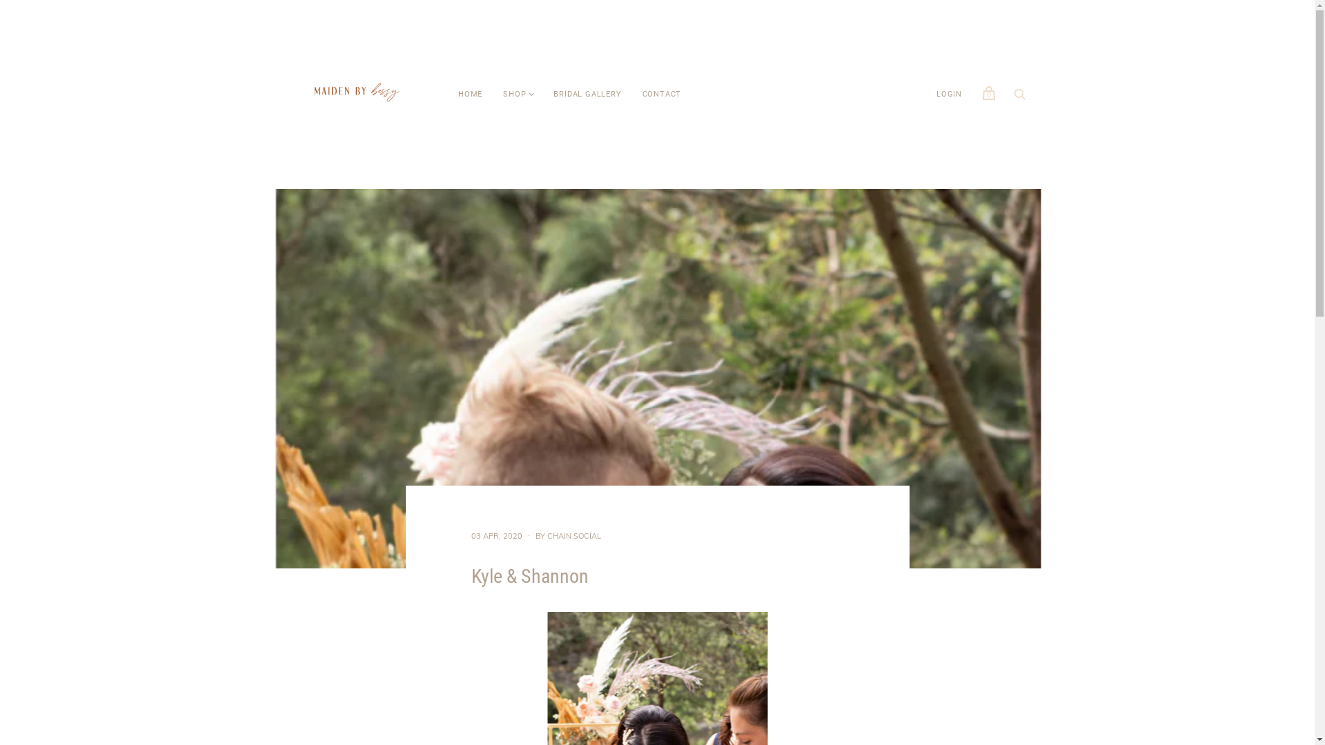 This screenshot has height=745, width=1325. Describe the element at coordinates (513, 94) in the screenshot. I see `'SHOP'` at that location.